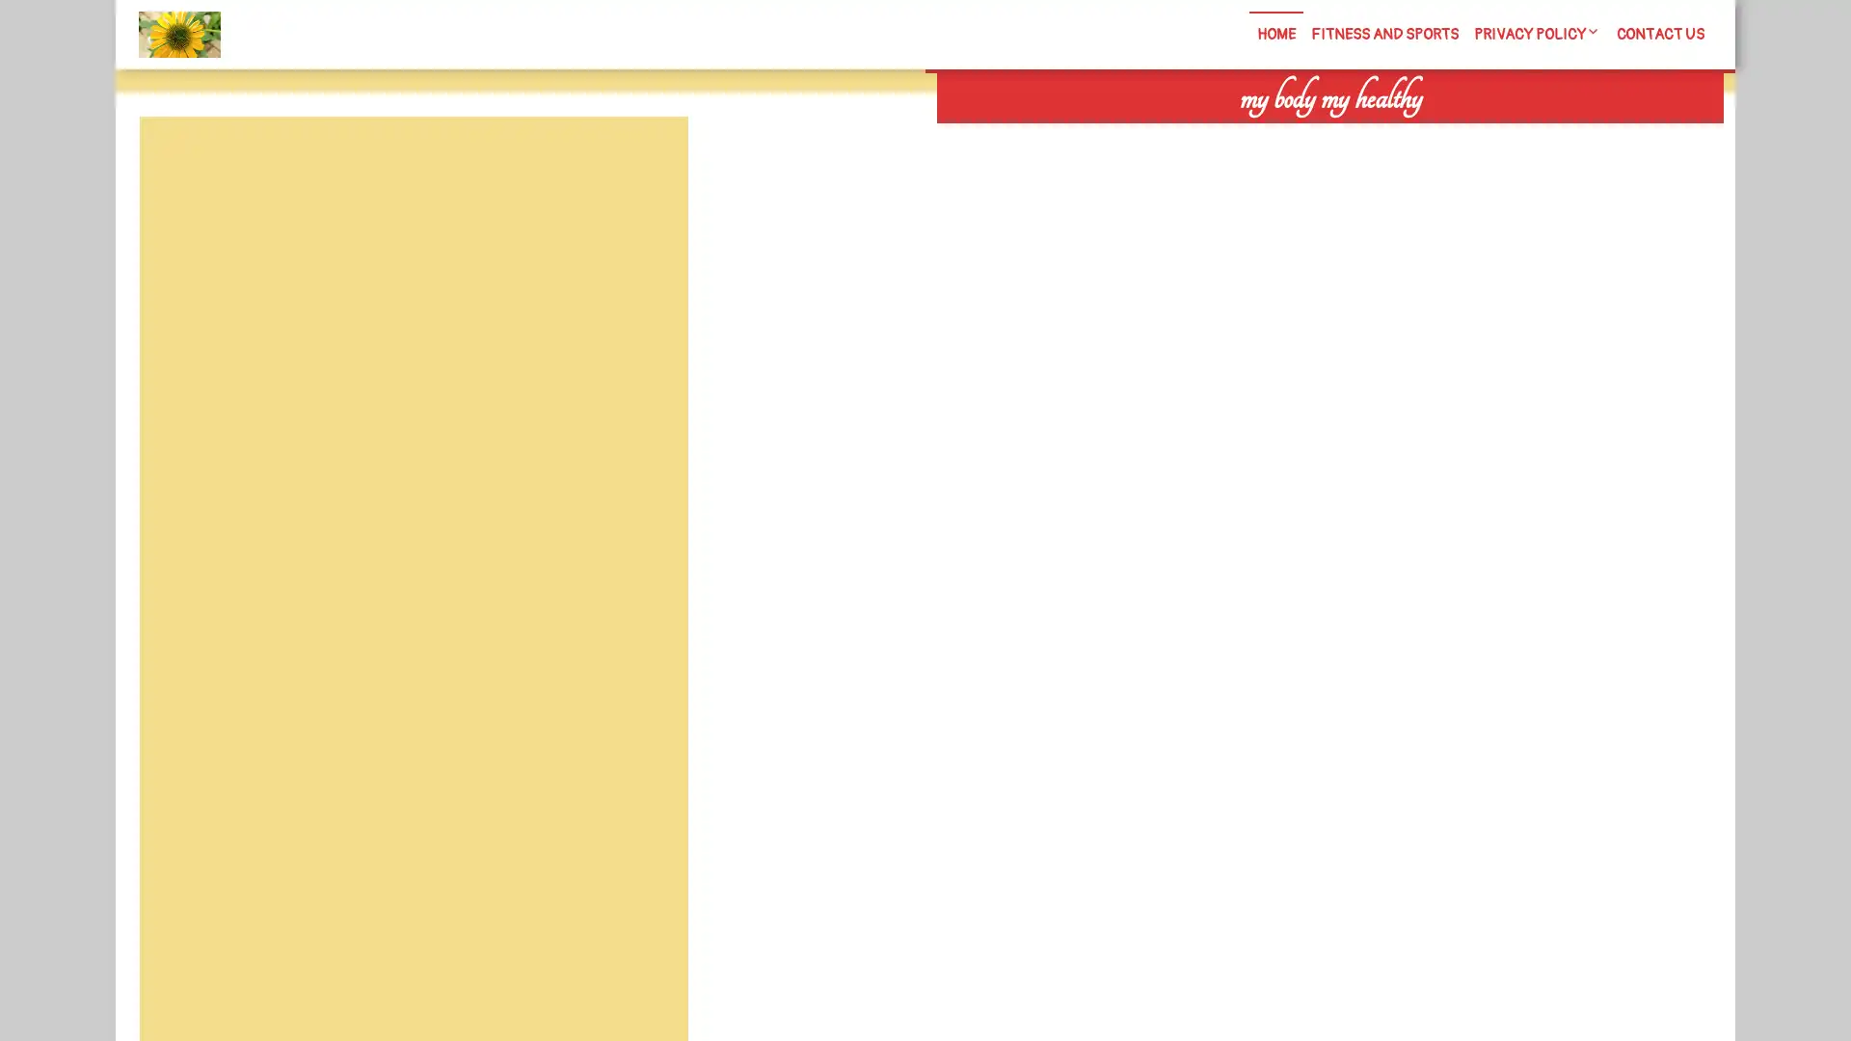 The height and width of the screenshot is (1041, 1851). I want to click on Search, so click(643, 162).